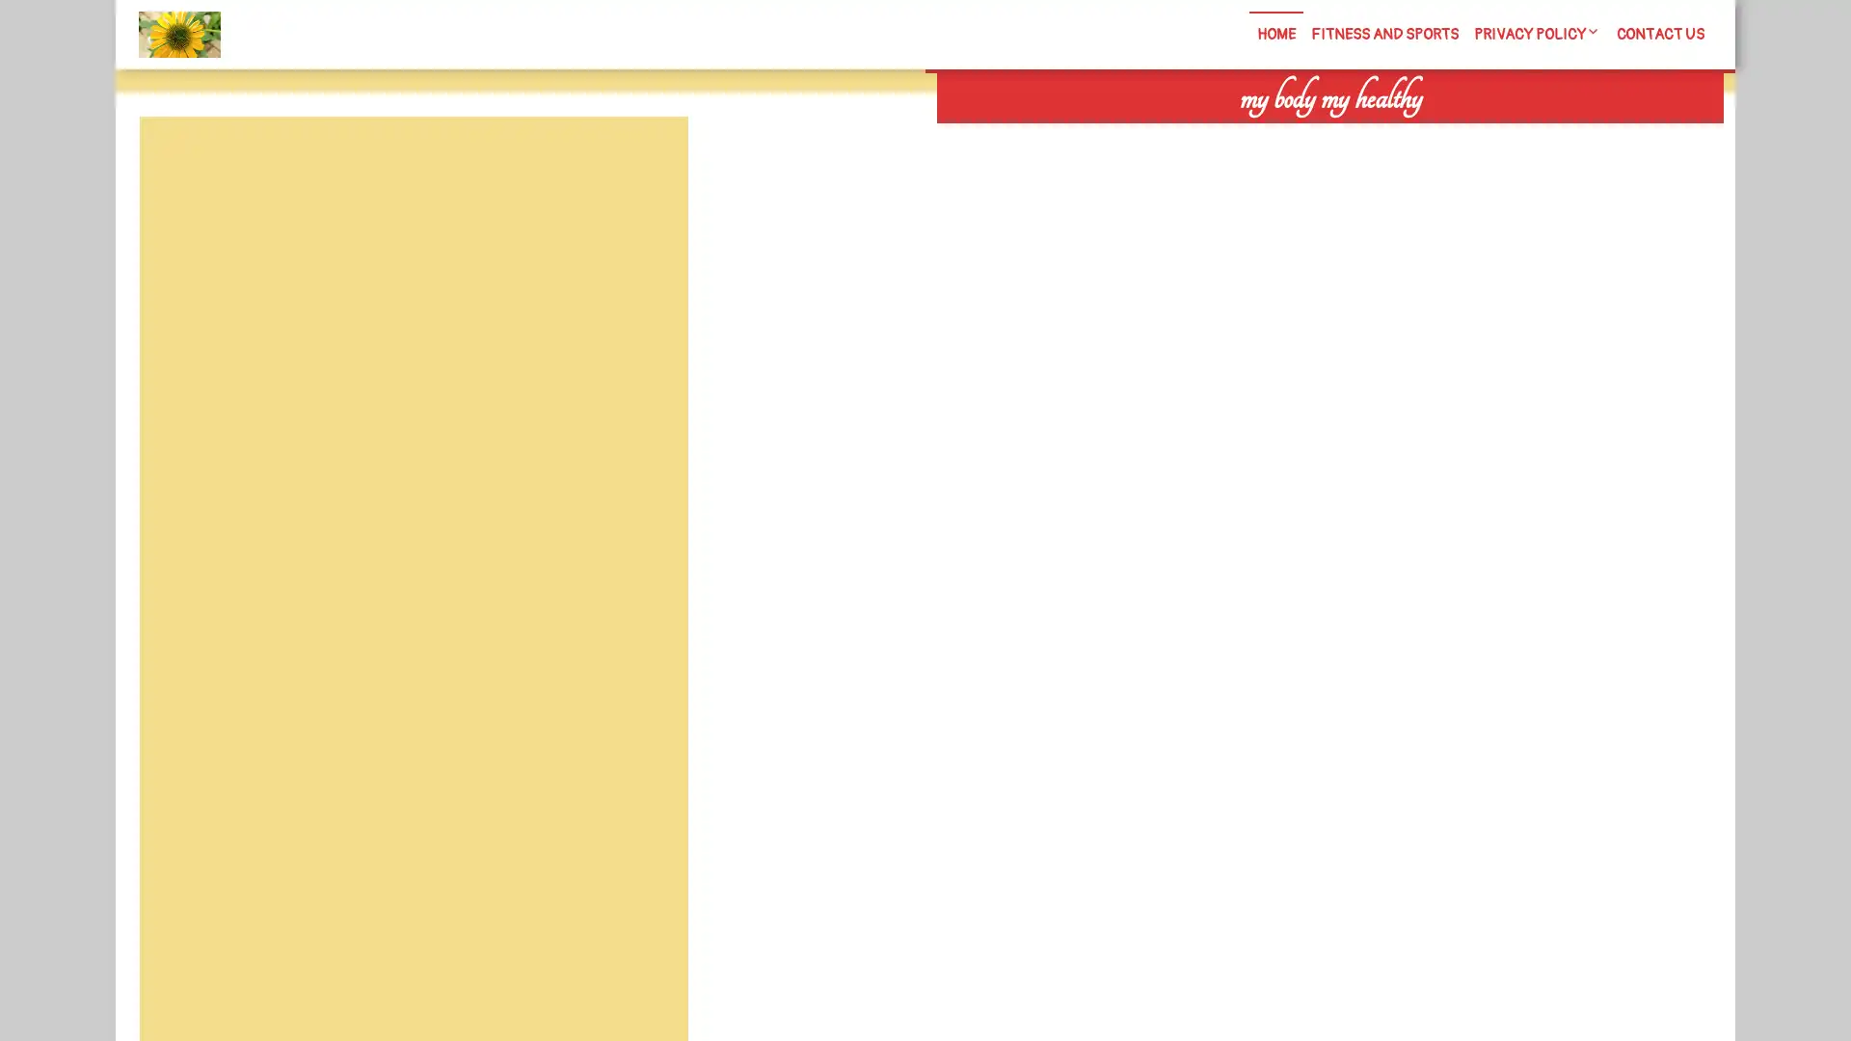 The height and width of the screenshot is (1041, 1851). I want to click on Search, so click(643, 162).